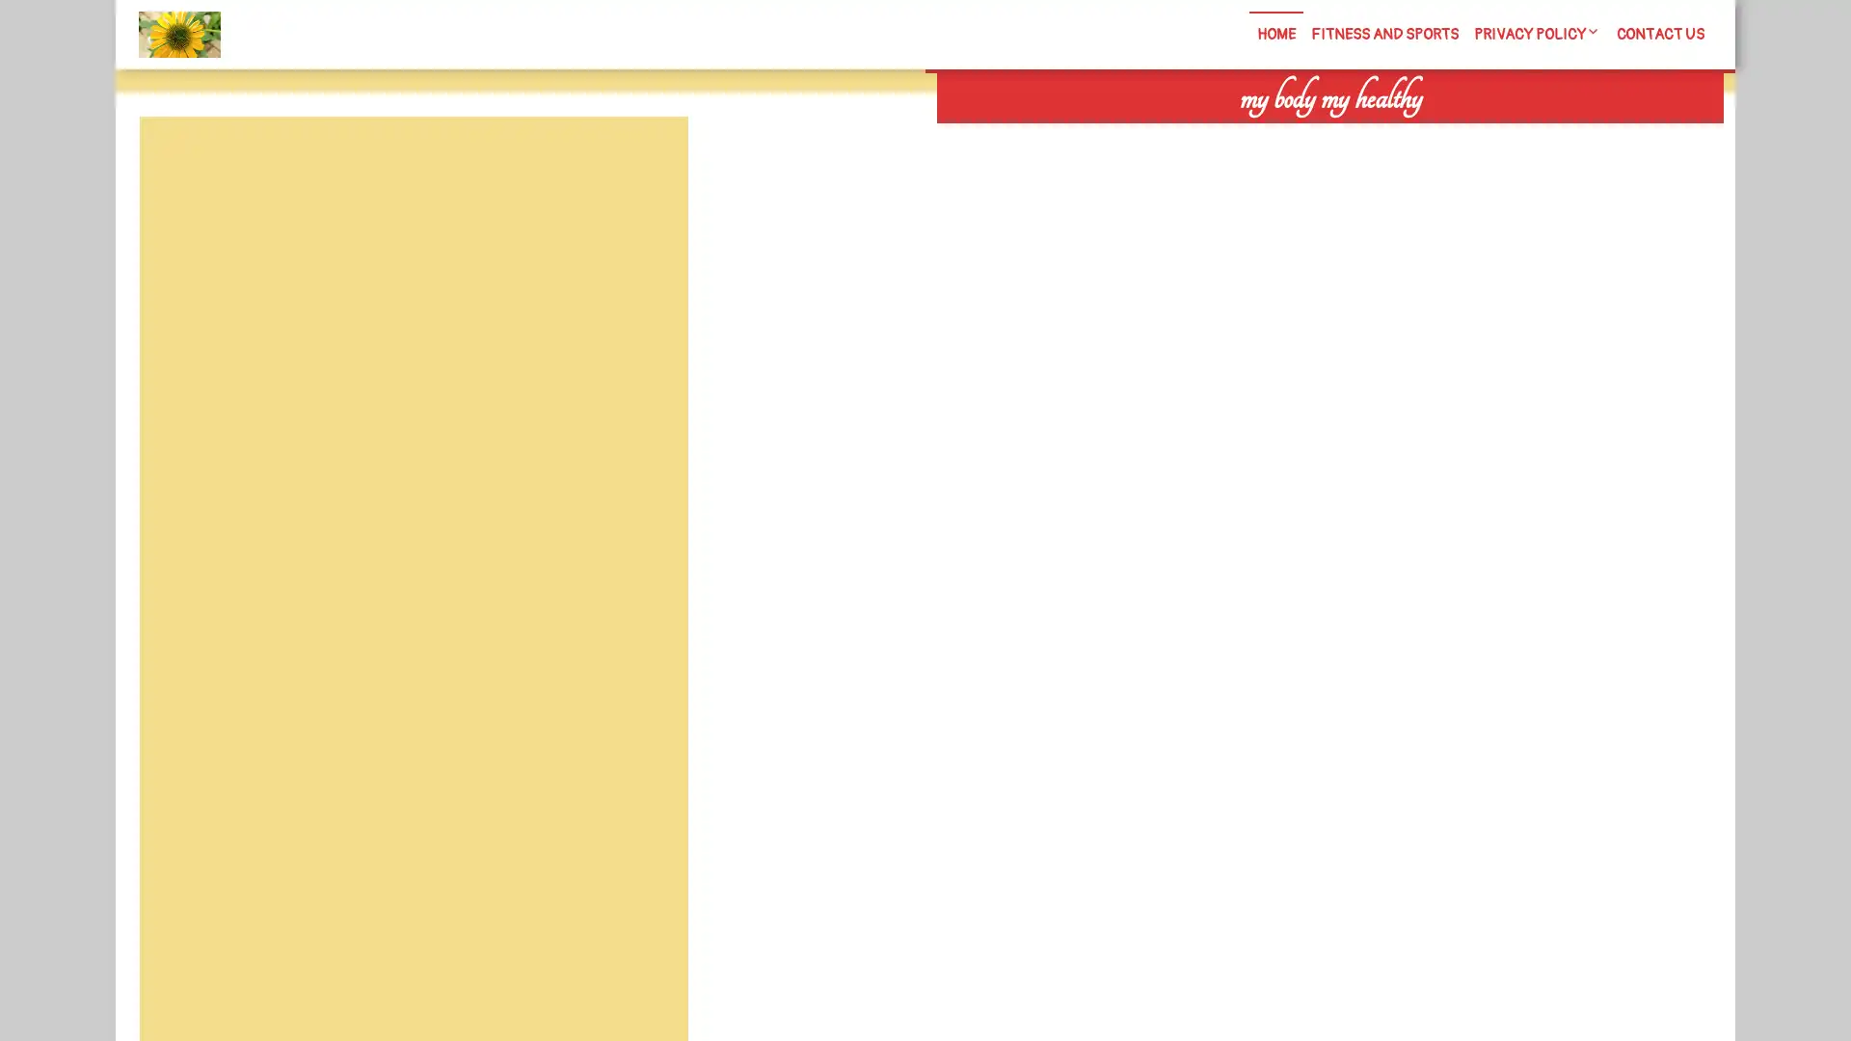 The height and width of the screenshot is (1041, 1851). I want to click on Search, so click(643, 162).